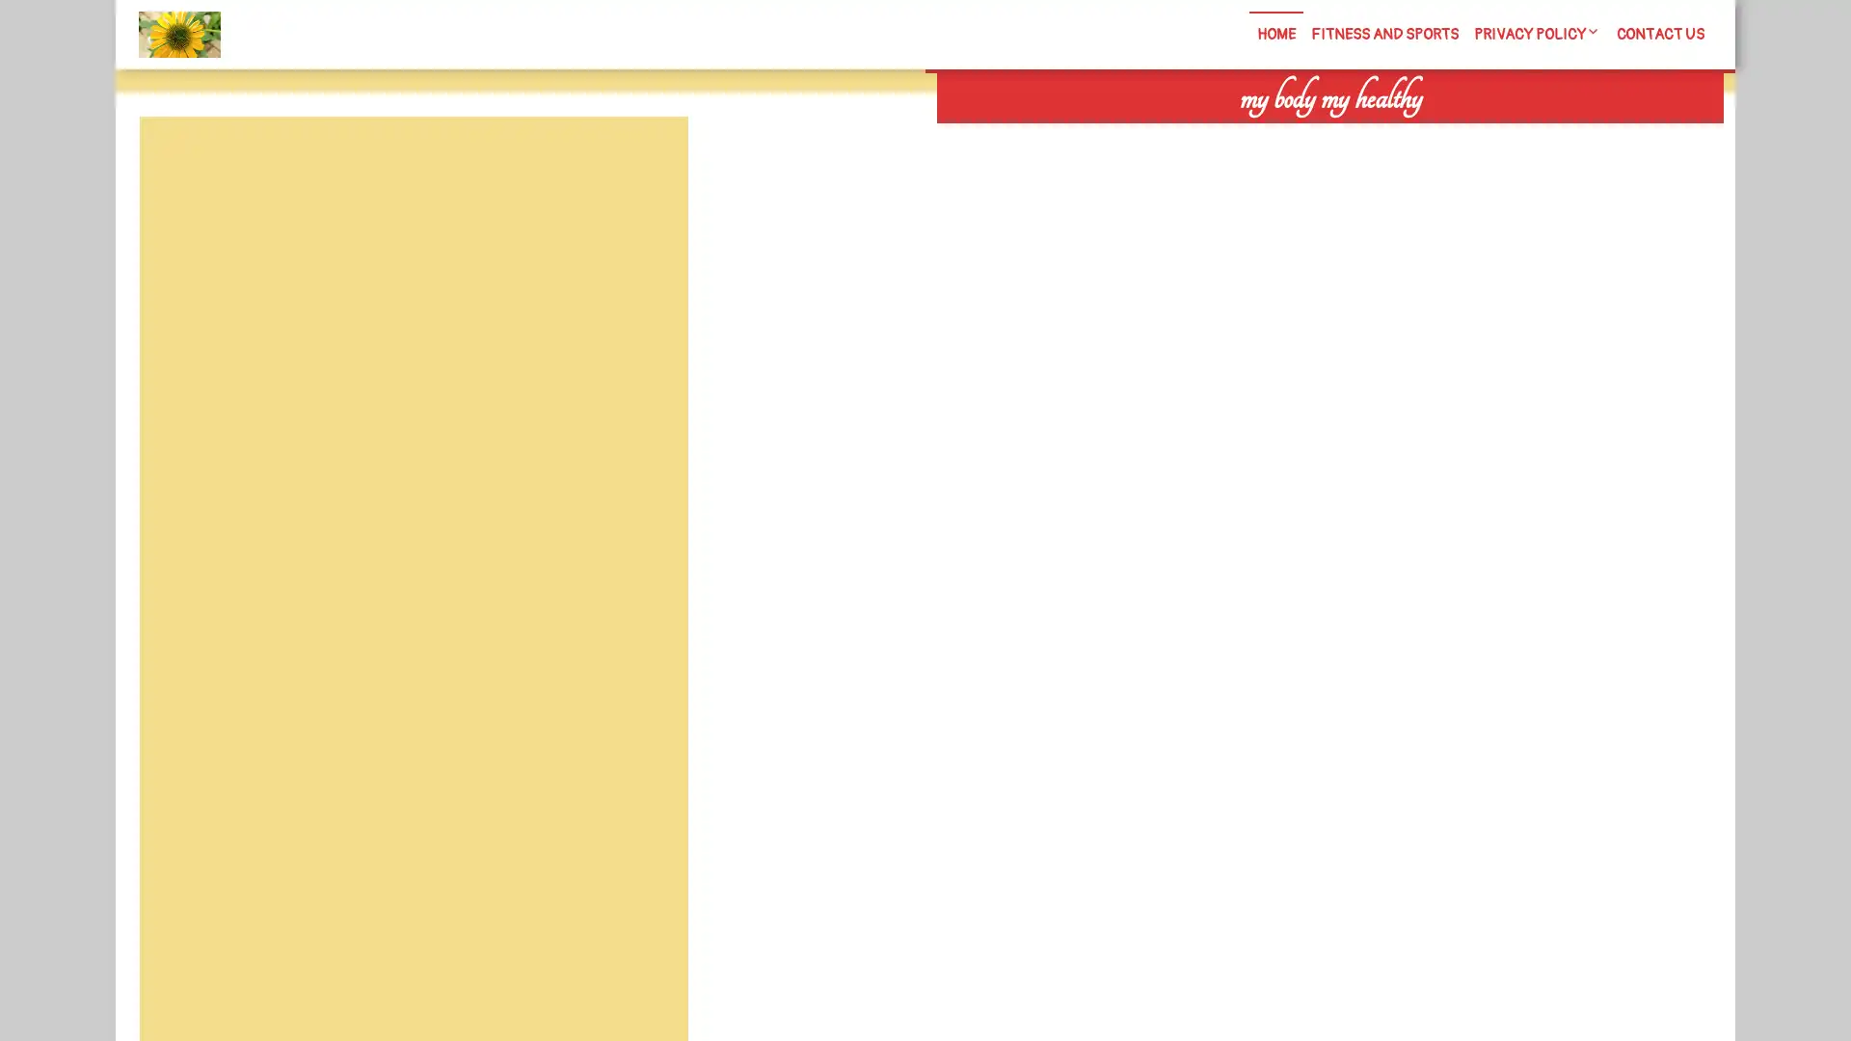 The height and width of the screenshot is (1041, 1851). I want to click on Search, so click(643, 162).